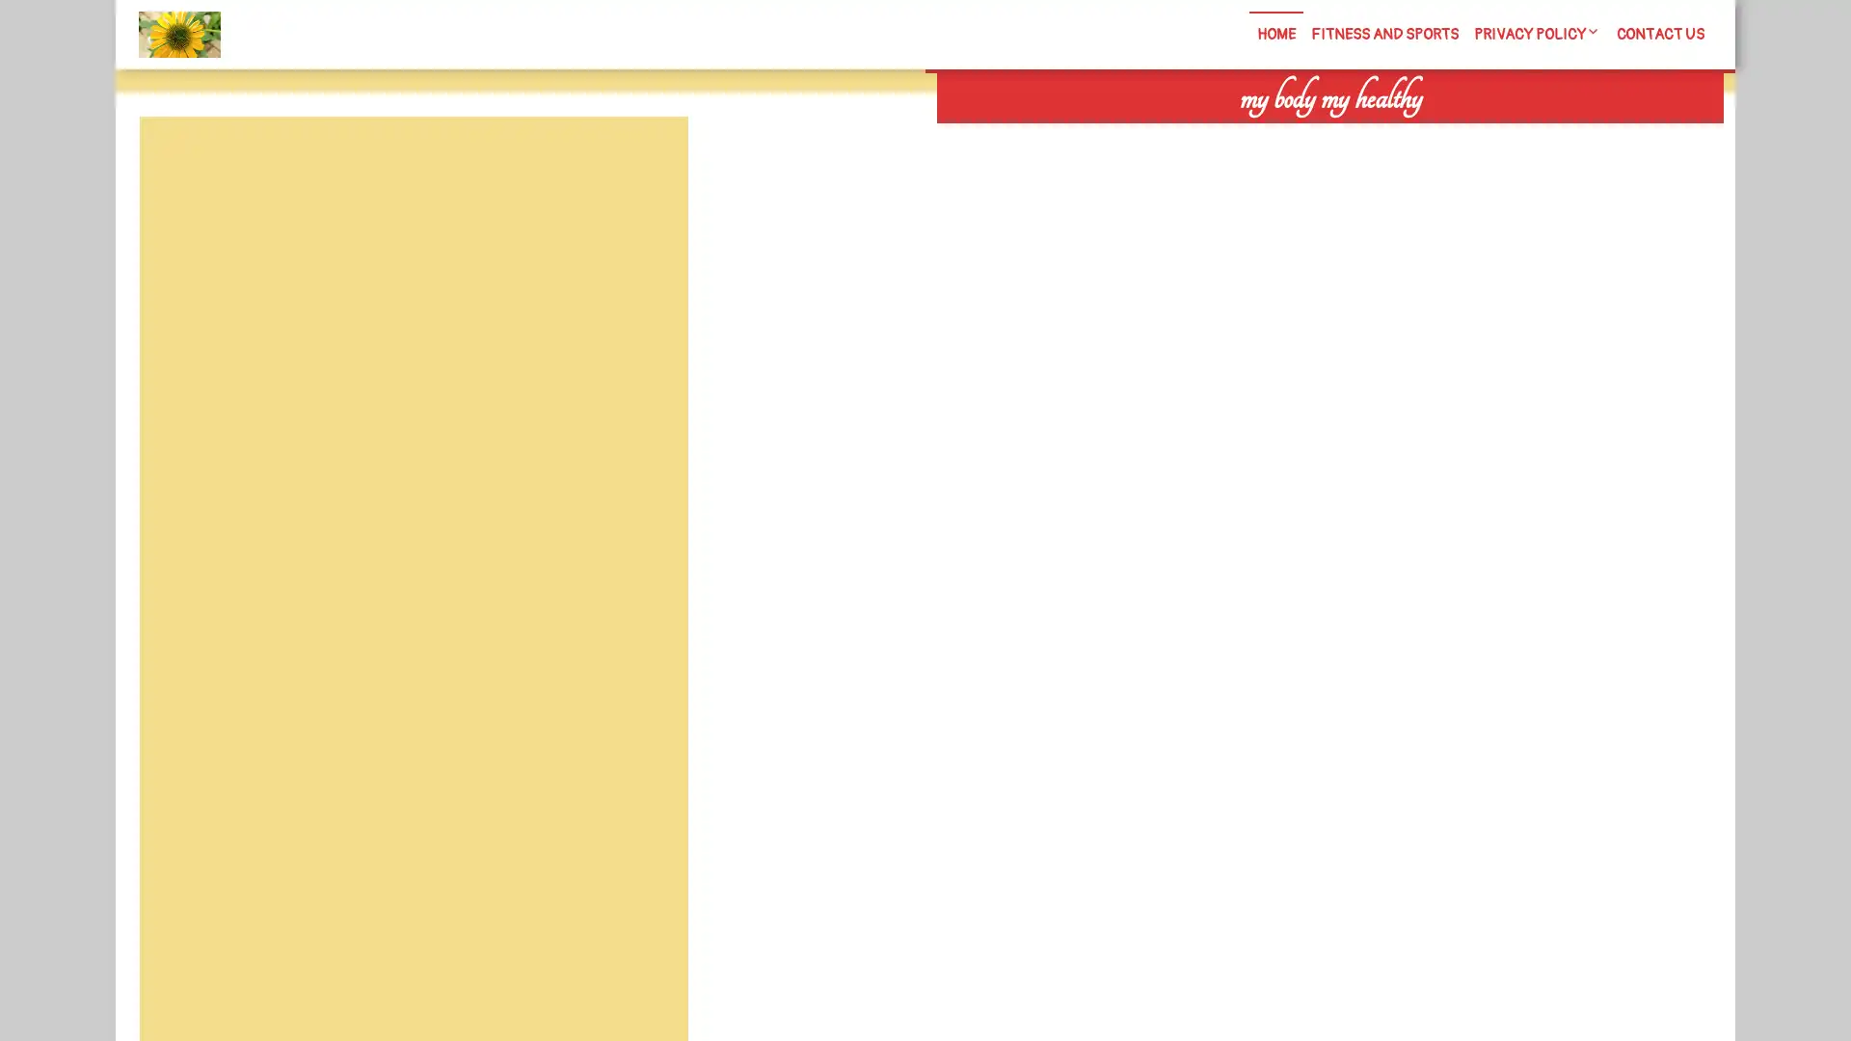 The height and width of the screenshot is (1041, 1851). I want to click on Search, so click(643, 162).